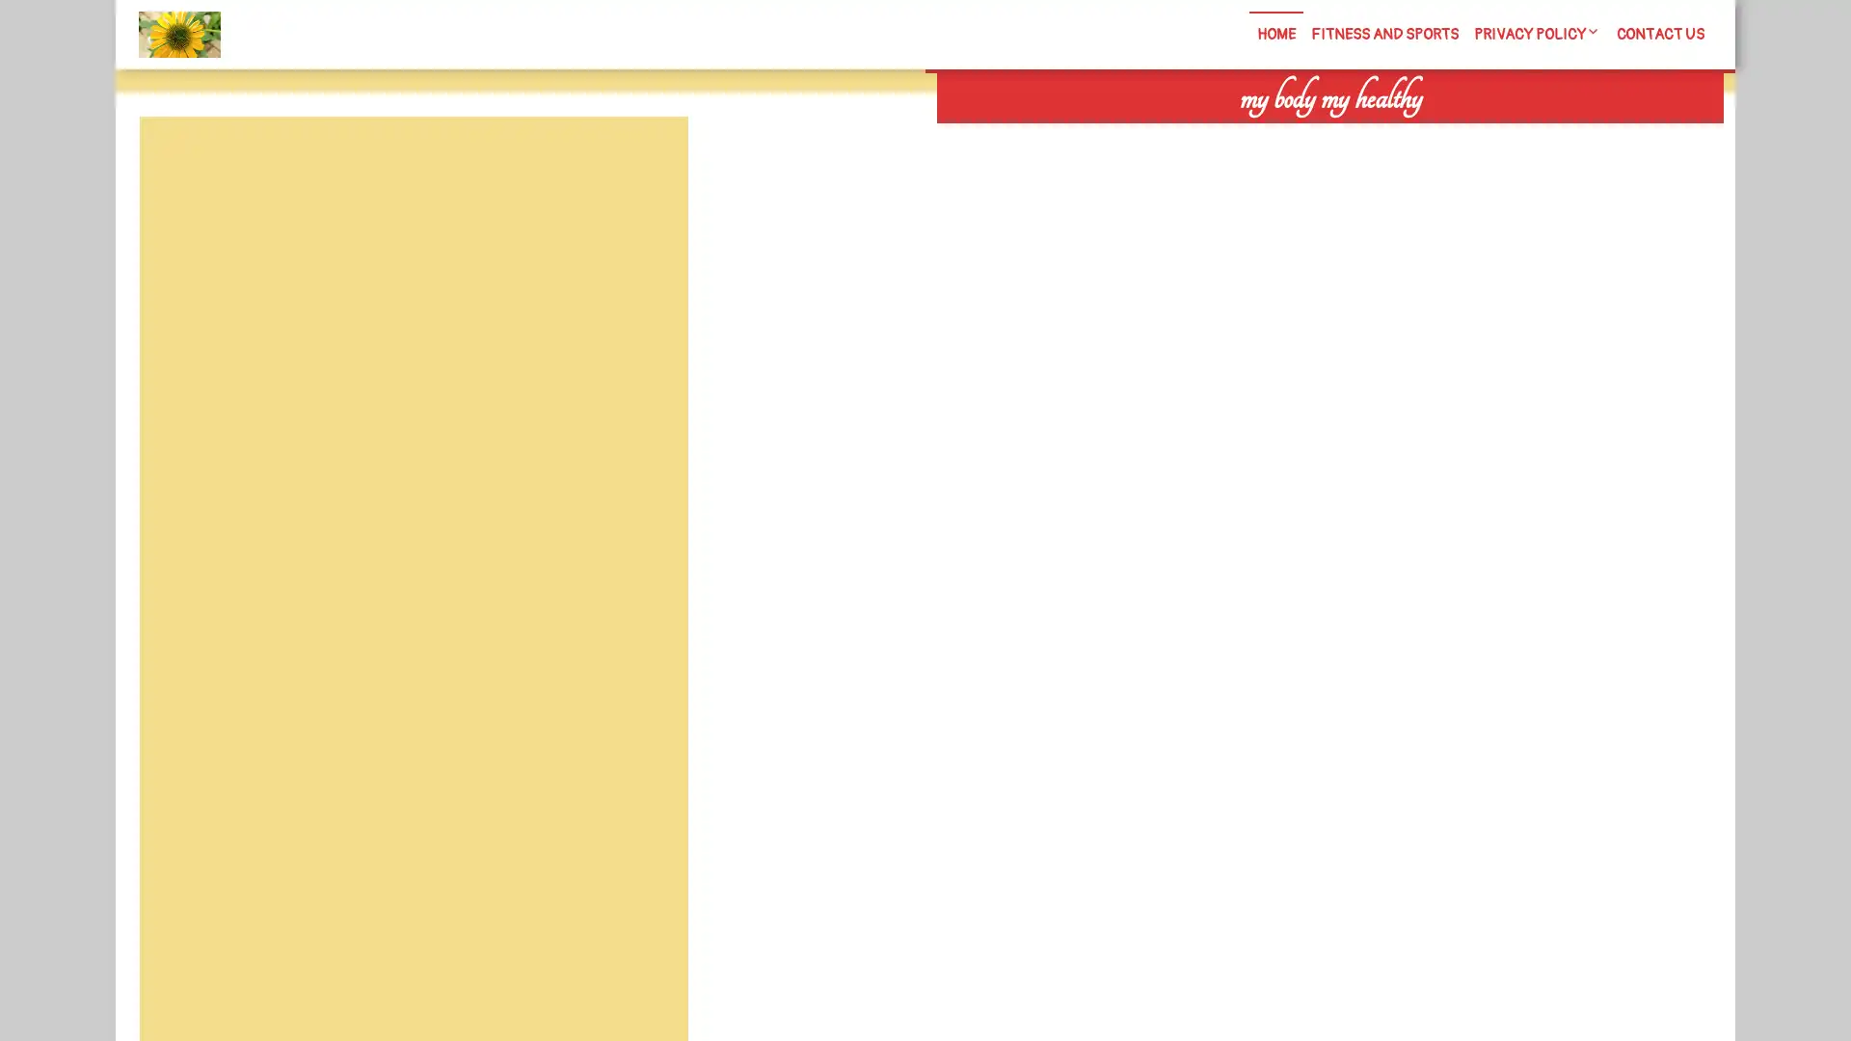 The height and width of the screenshot is (1041, 1851). I want to click on Search, so click(643, 162).